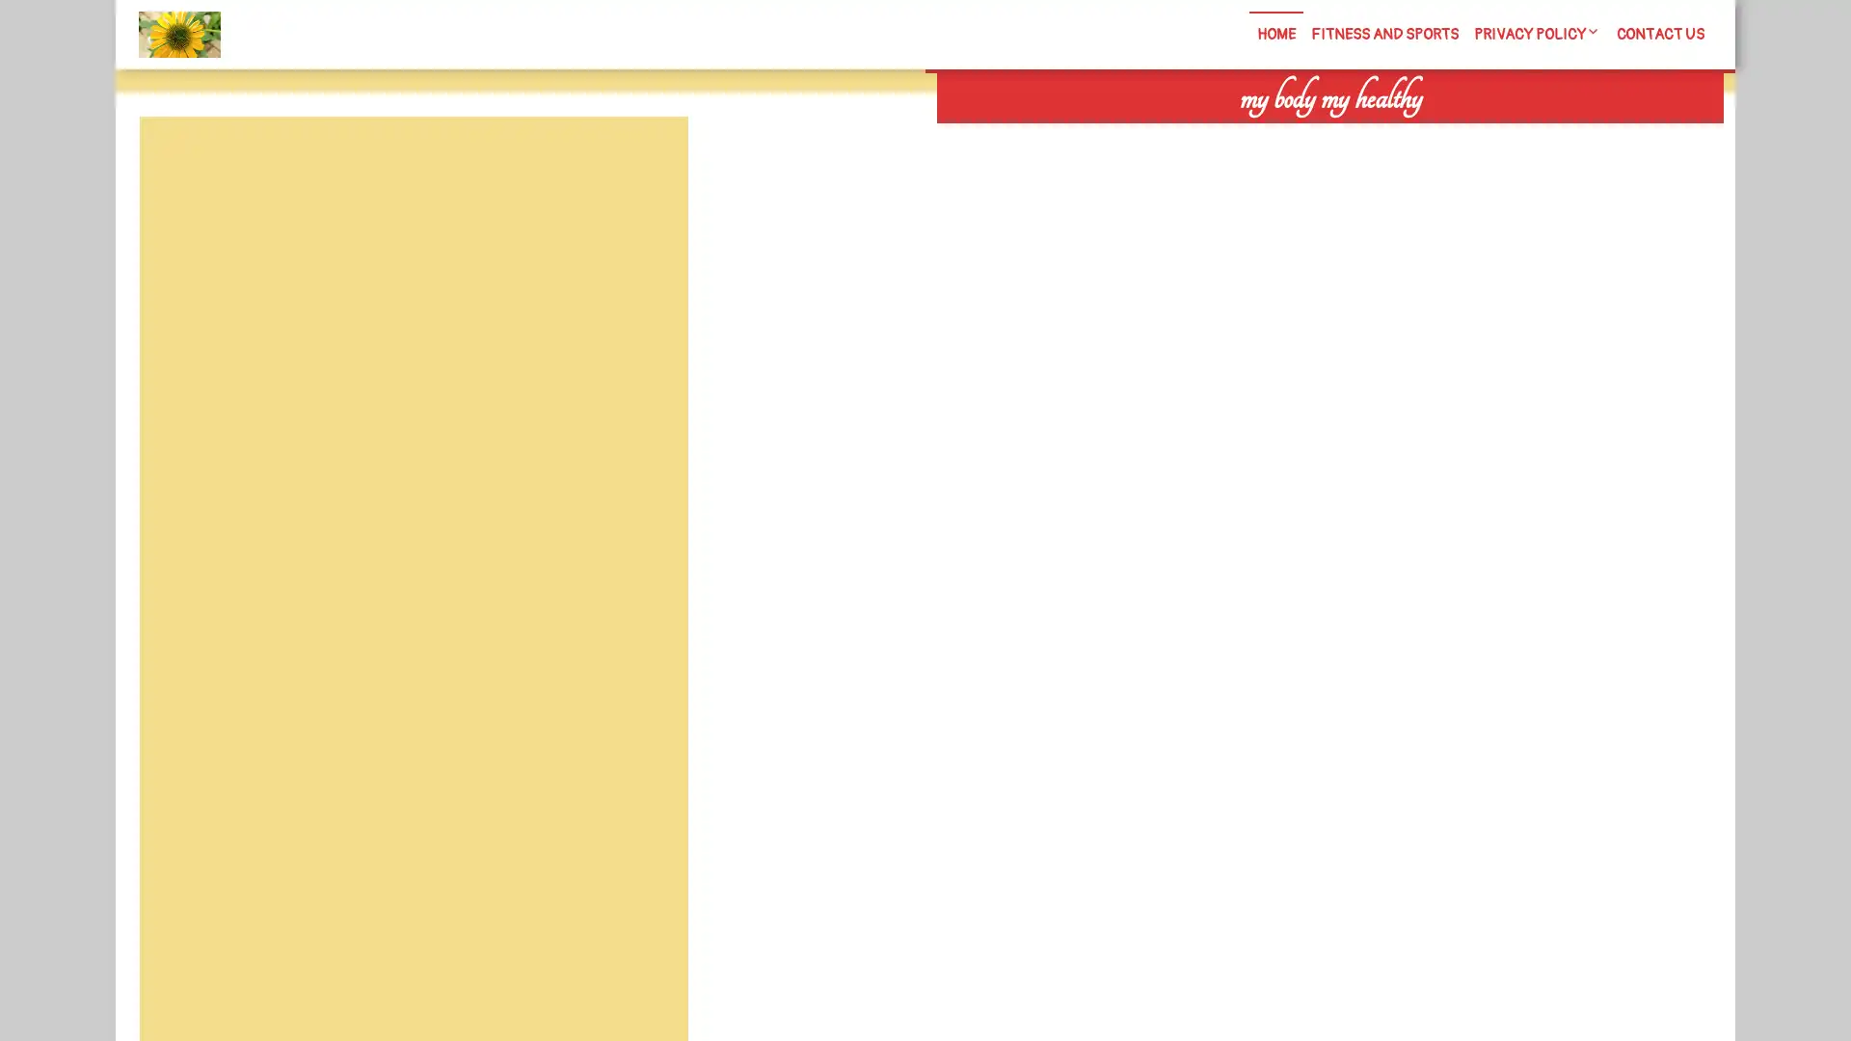 The height and width of the screenshot is (1041, 1851). I want to click on Search, so click(643, 162).